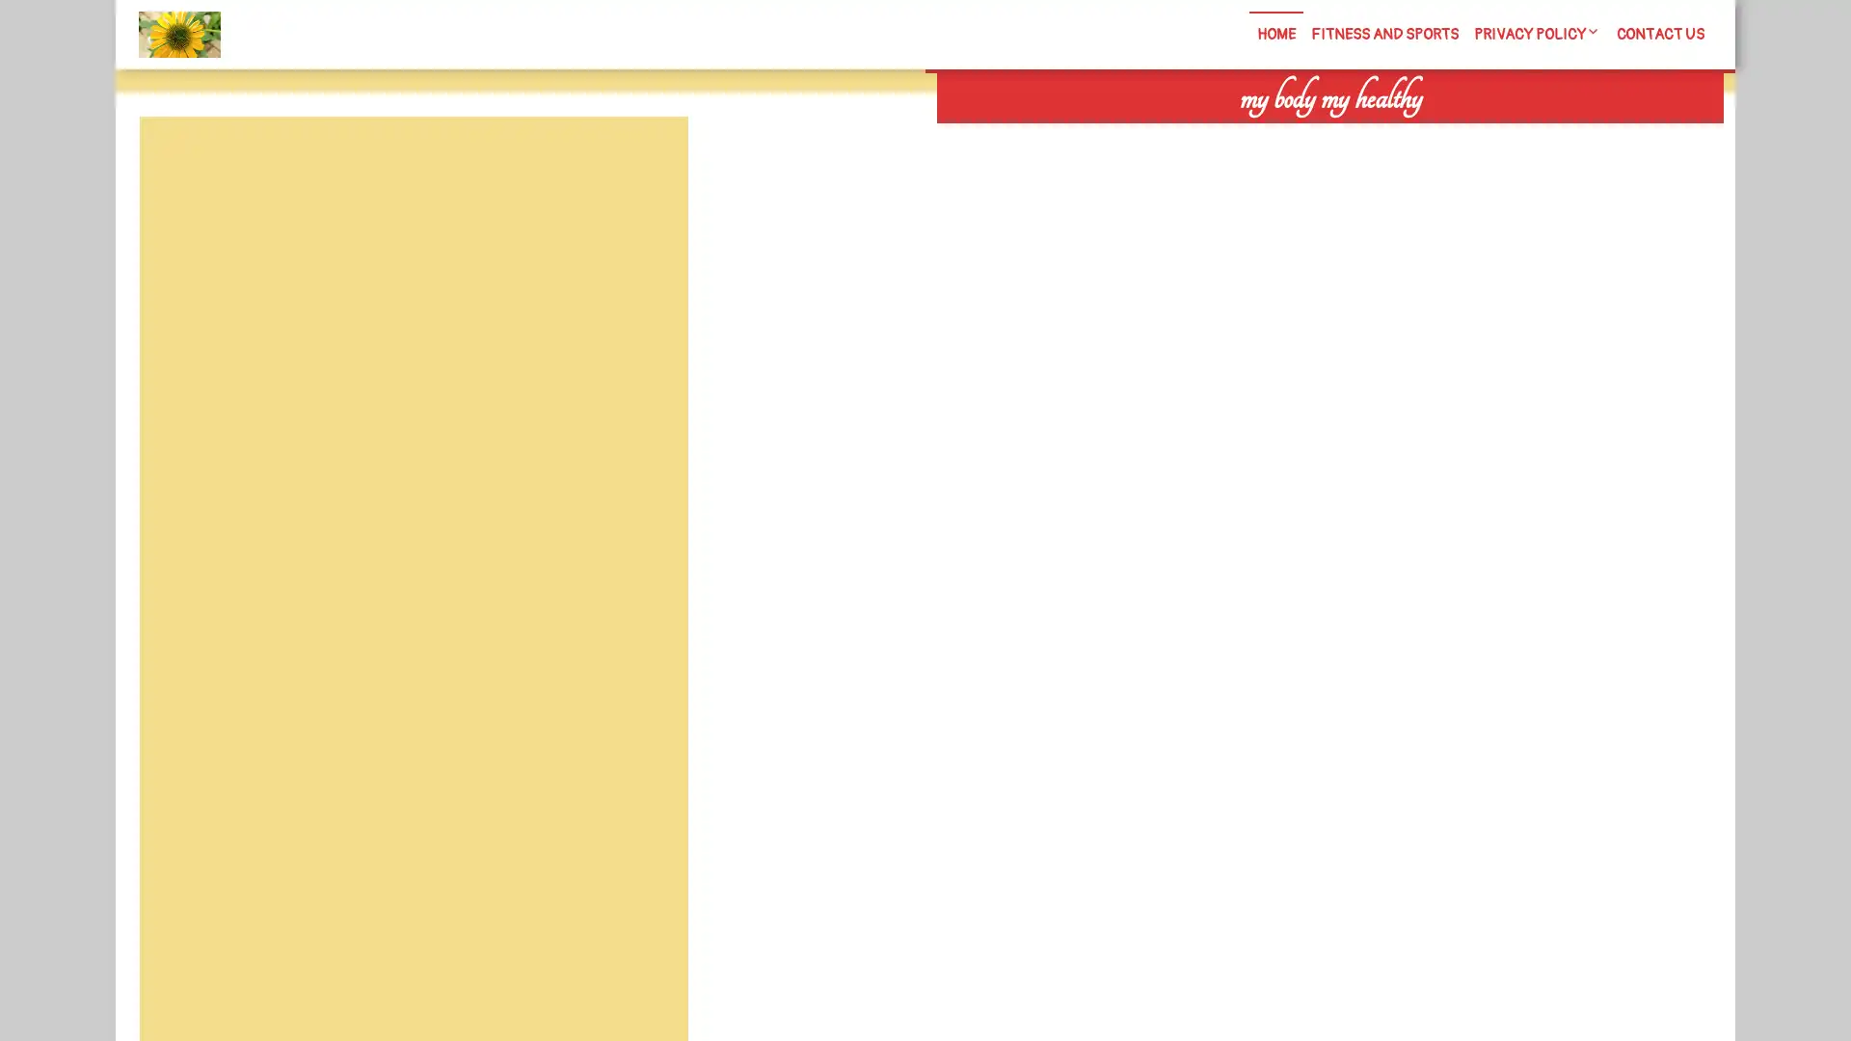 The height and width of the screenshot is (1041, 1851). I want to click on Search, so click(643, 162).